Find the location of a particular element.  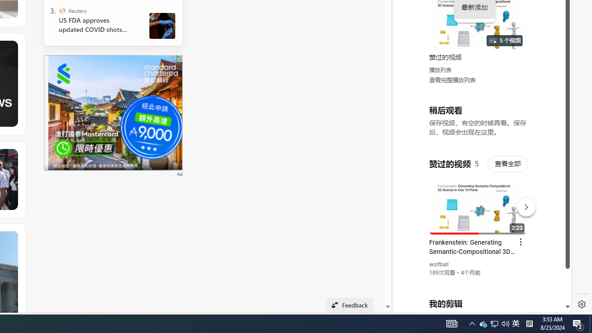

'wolfball' is located at coordinates (438, 265).